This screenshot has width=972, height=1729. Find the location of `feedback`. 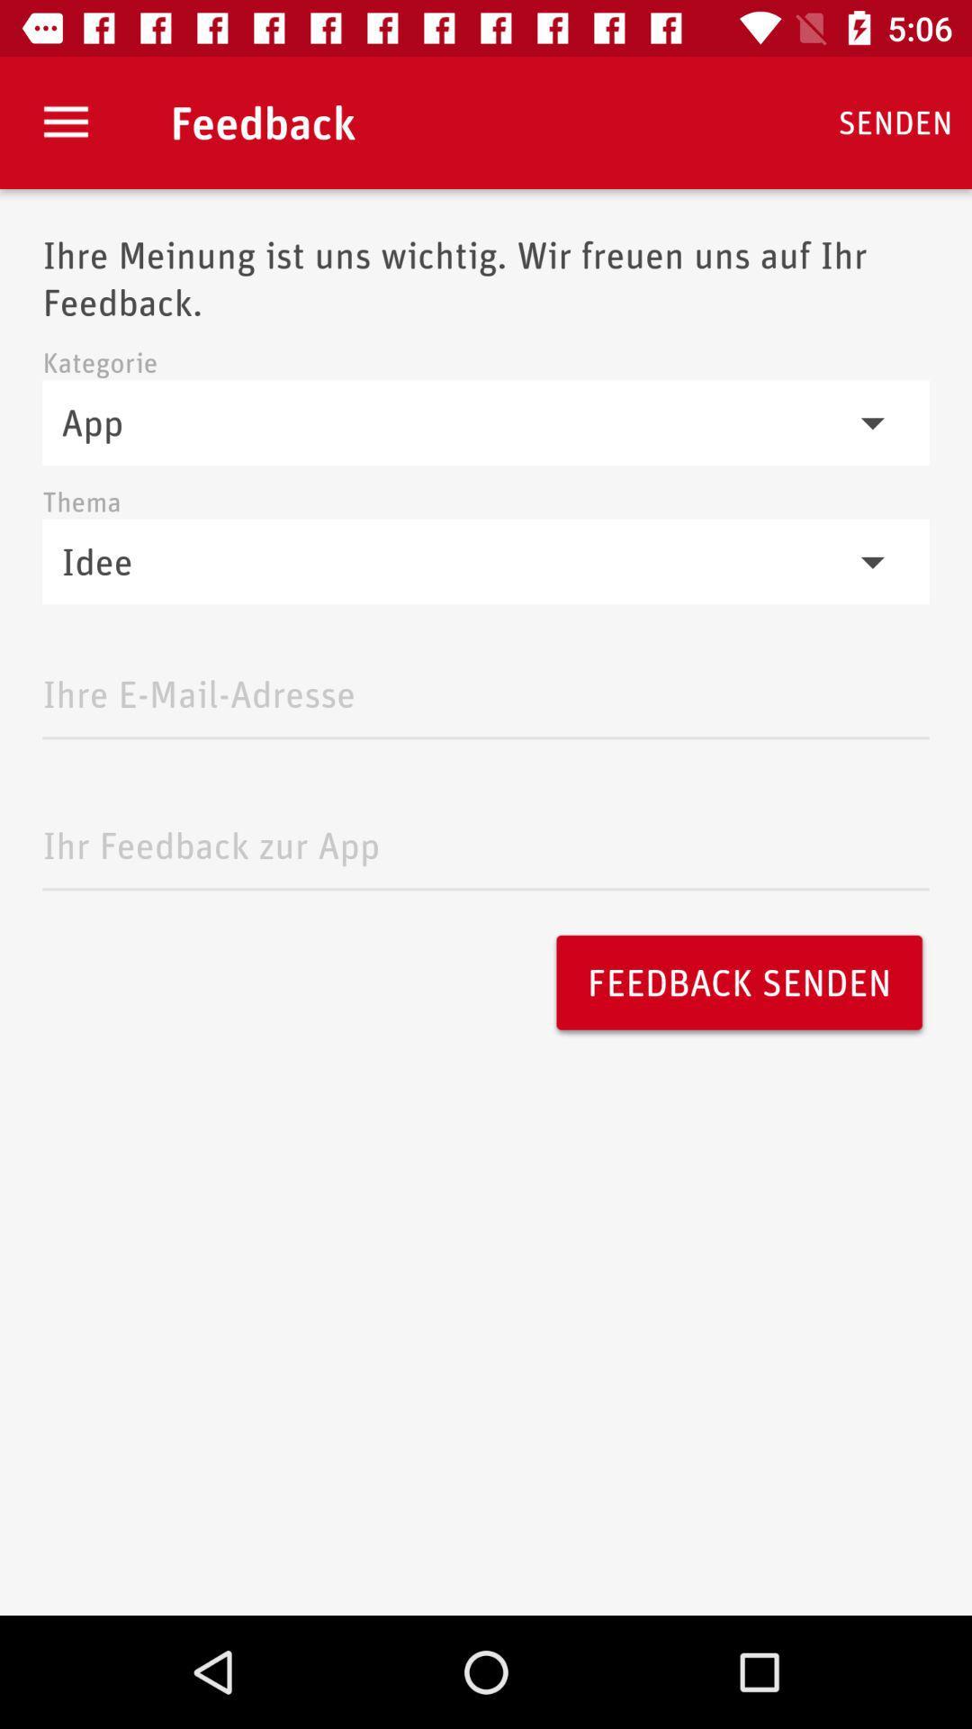

feedback is located at coordinates (486, 839).